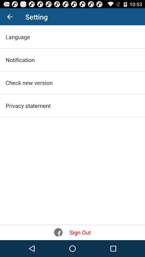 This screenshot has width=145, height=257. Describe the element at coordinates (10, 17) in the screenshot. I see `icon above language icon` at that location.